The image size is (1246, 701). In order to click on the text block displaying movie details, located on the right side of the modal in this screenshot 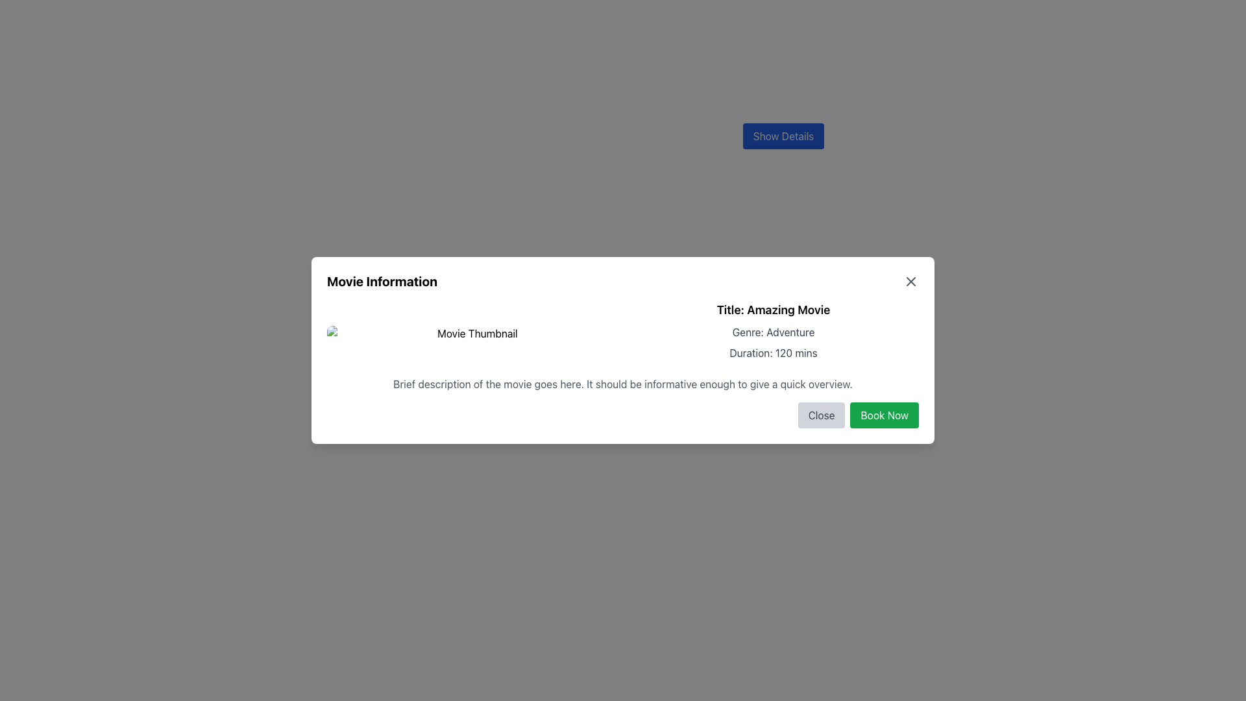, I will do `click(773, 332)`.